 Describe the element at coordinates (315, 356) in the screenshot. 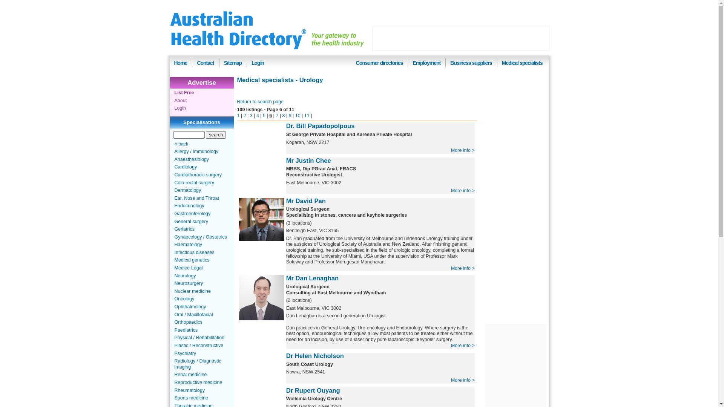

I see `'Dr Helen Nicholson'` at that location.